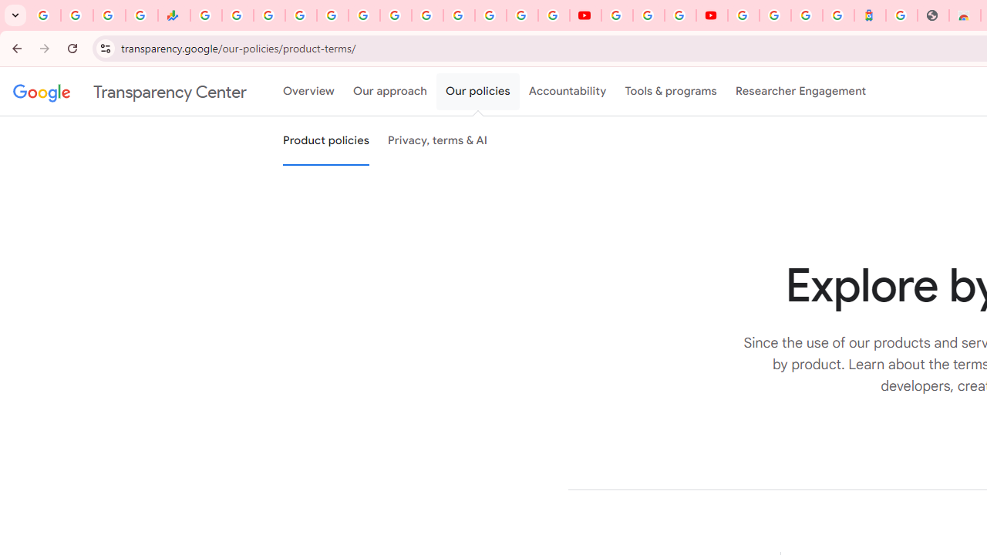 The height and width of the screenshot is (555, 987). I want to click on 'Accountability', so click(567, 92).